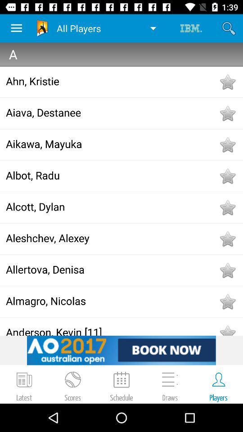 This screenshot has width=243, height=432. Describe the element at coordinates (112, 207) in the screenshot. I see `alcott, dylan` at that location.